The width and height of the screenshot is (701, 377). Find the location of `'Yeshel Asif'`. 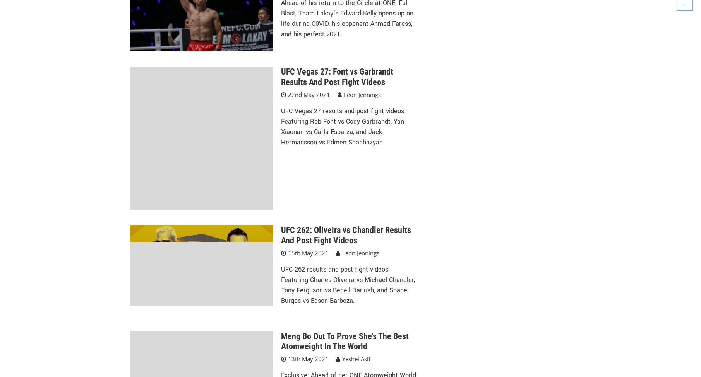

'Yeshel Asif' is located at coordinates (355, 358).